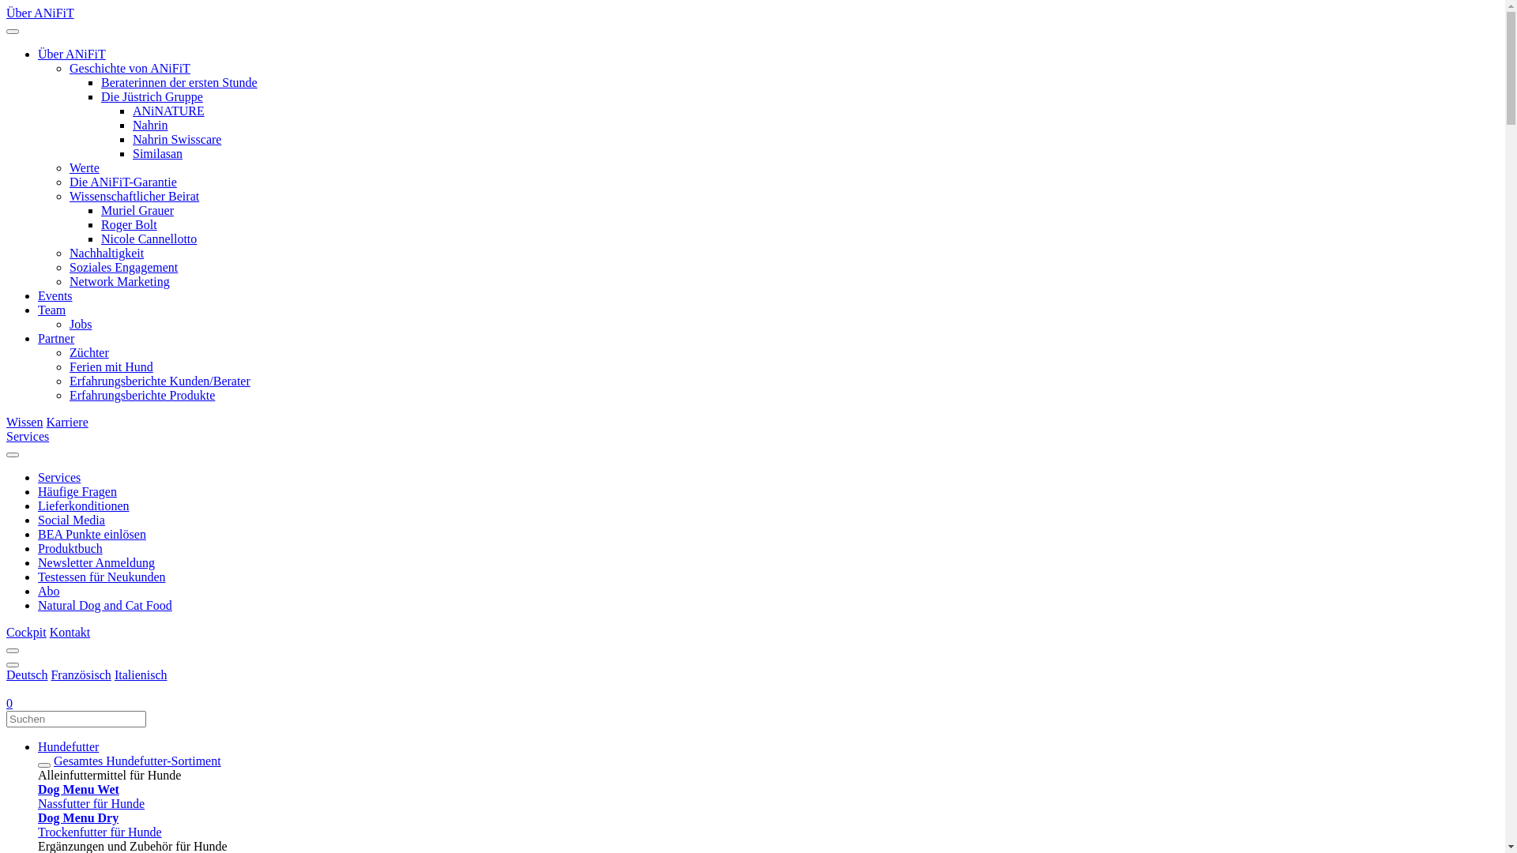 This screenshot has height=853, width=1517. I want to click on 'Lieferkonditionen', so click(82, 505).